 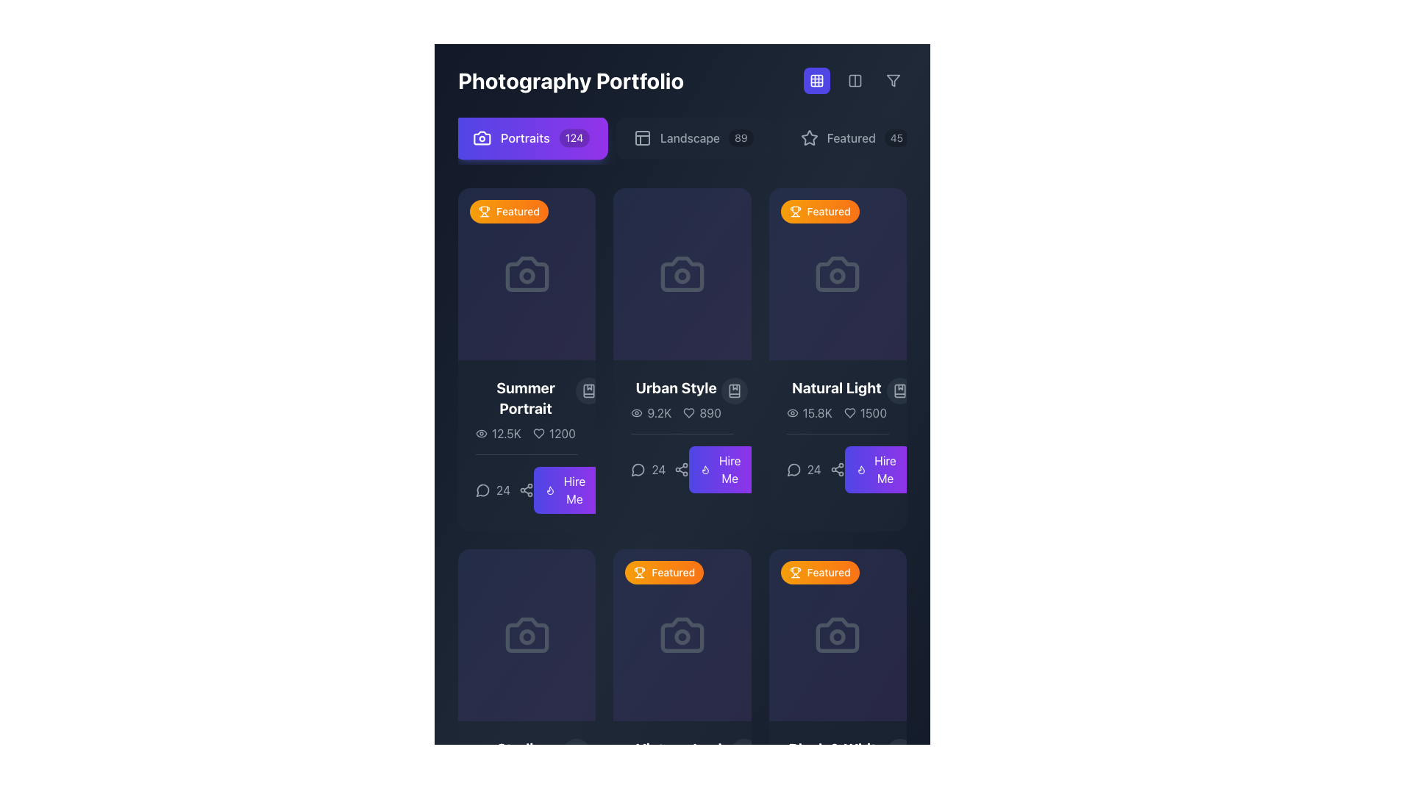 What do you see at coordinates (672, 572) in the screenshot?
I see `text from the Text Label that indicates the associated item is marked as 'Featured', located within the orange pill-shaped badge near the top-left corner of the second item in the bottom row of the grid layout` at bounding box center [672, 572].